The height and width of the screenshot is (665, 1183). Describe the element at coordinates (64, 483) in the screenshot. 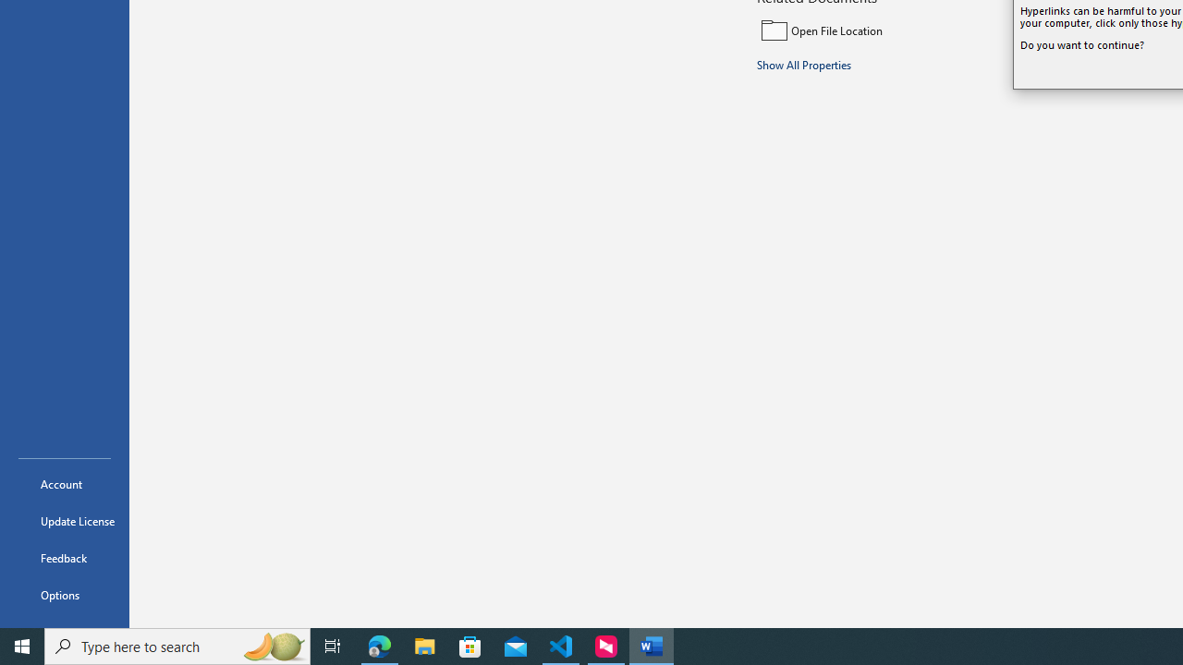

I see `'Account'` at that location.